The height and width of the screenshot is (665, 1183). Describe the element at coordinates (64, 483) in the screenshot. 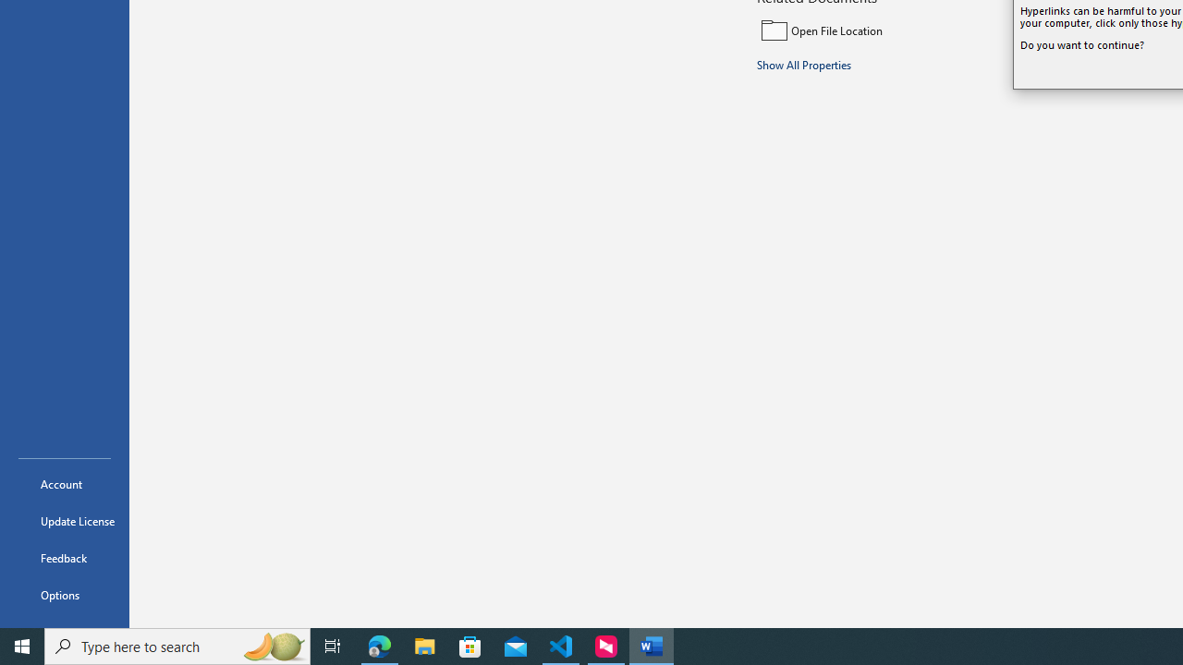

I see `'Account'` at that location.